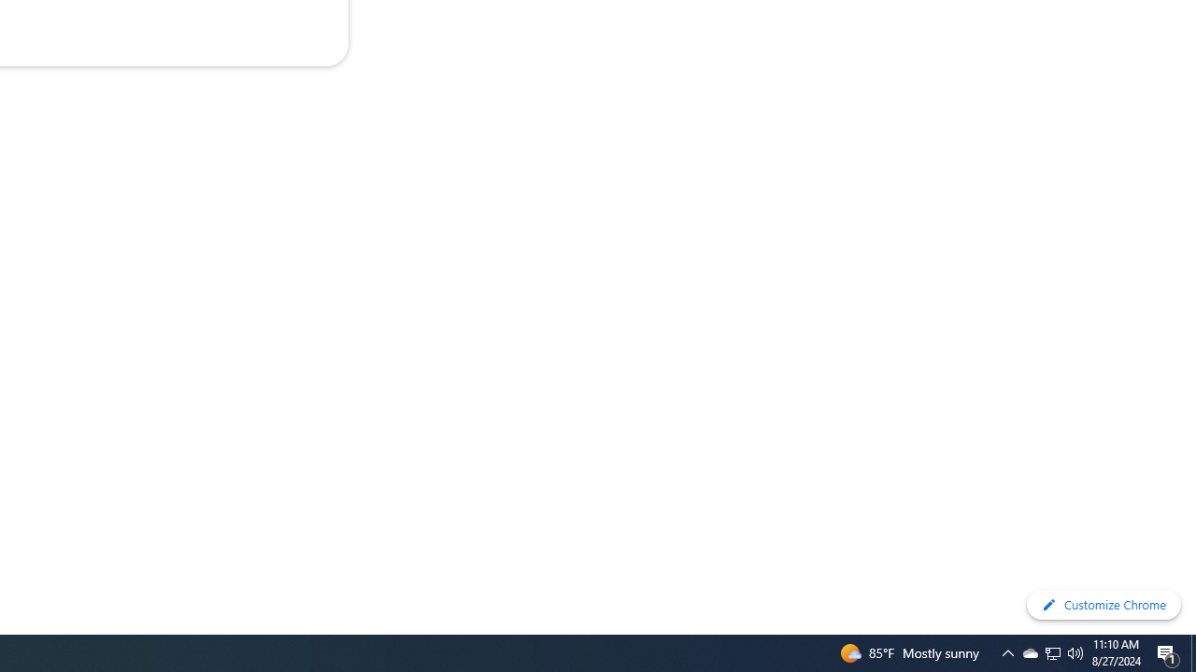 The height and width of the screenshot is (672, 1196). What do you see at coordinates (1103, 605) in the screenshot?
I see `'Customize Chrome'` at bounding box center [1103, 605].